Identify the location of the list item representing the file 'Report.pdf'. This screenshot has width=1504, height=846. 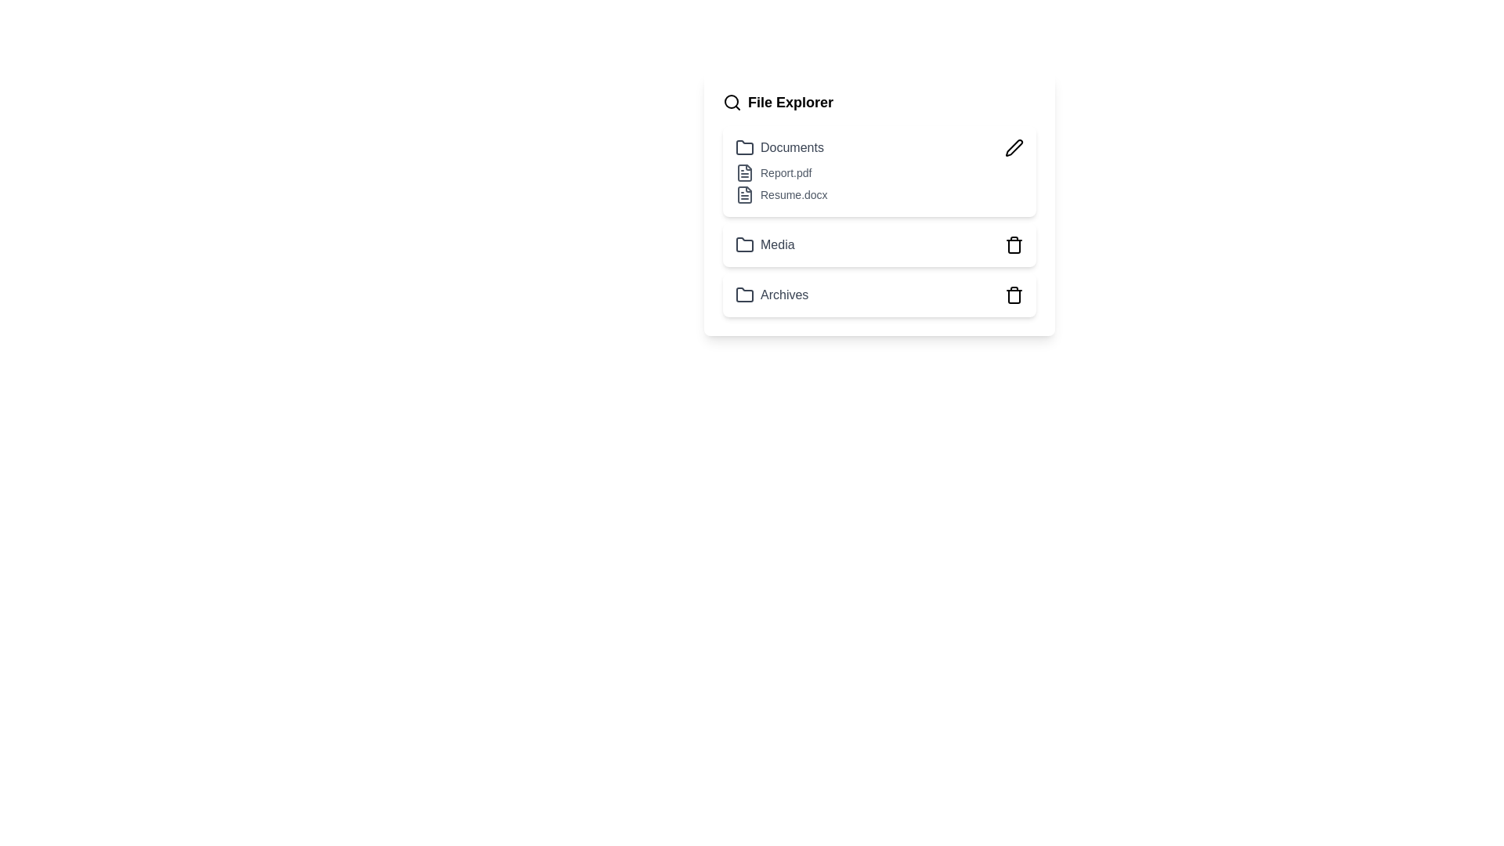
(880, 172).